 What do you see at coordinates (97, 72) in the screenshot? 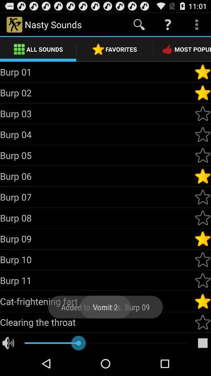
I see `burp 01 app` at bounding box center [97, 72].